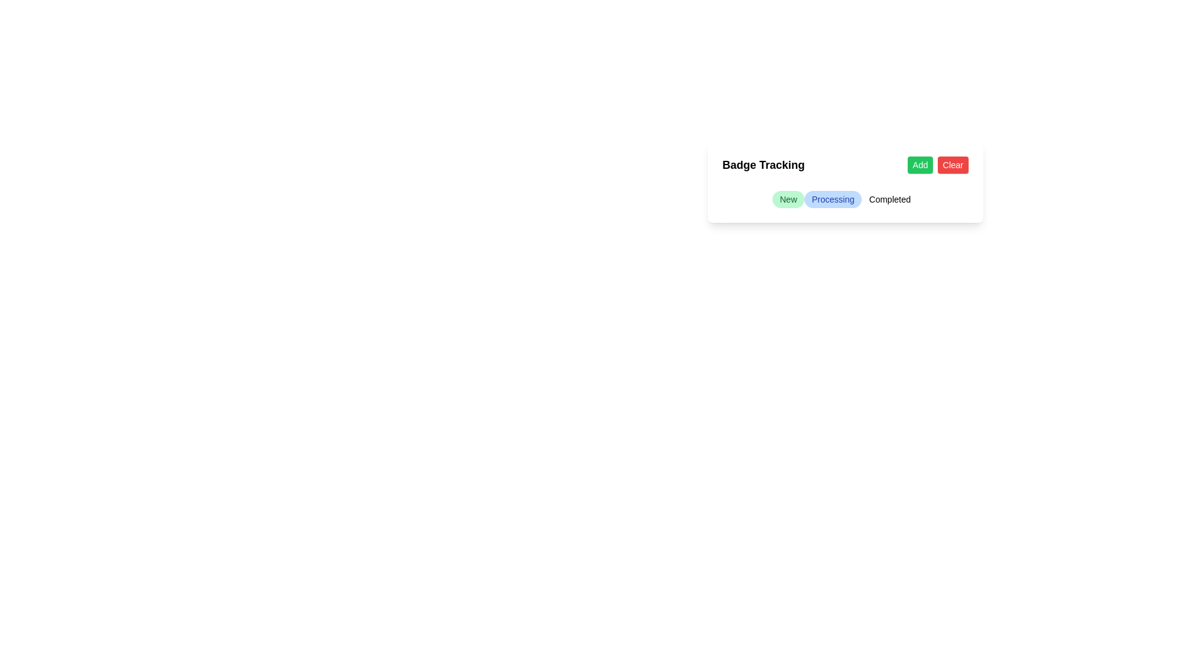 The width and height of the screenshot is (1180, 663). Describe the element at coordinates (952, 165) in the screenshot. I see `the 'Clear' button with rounded corners, red background, and white text to potentially reveal a tooltip` at that location.